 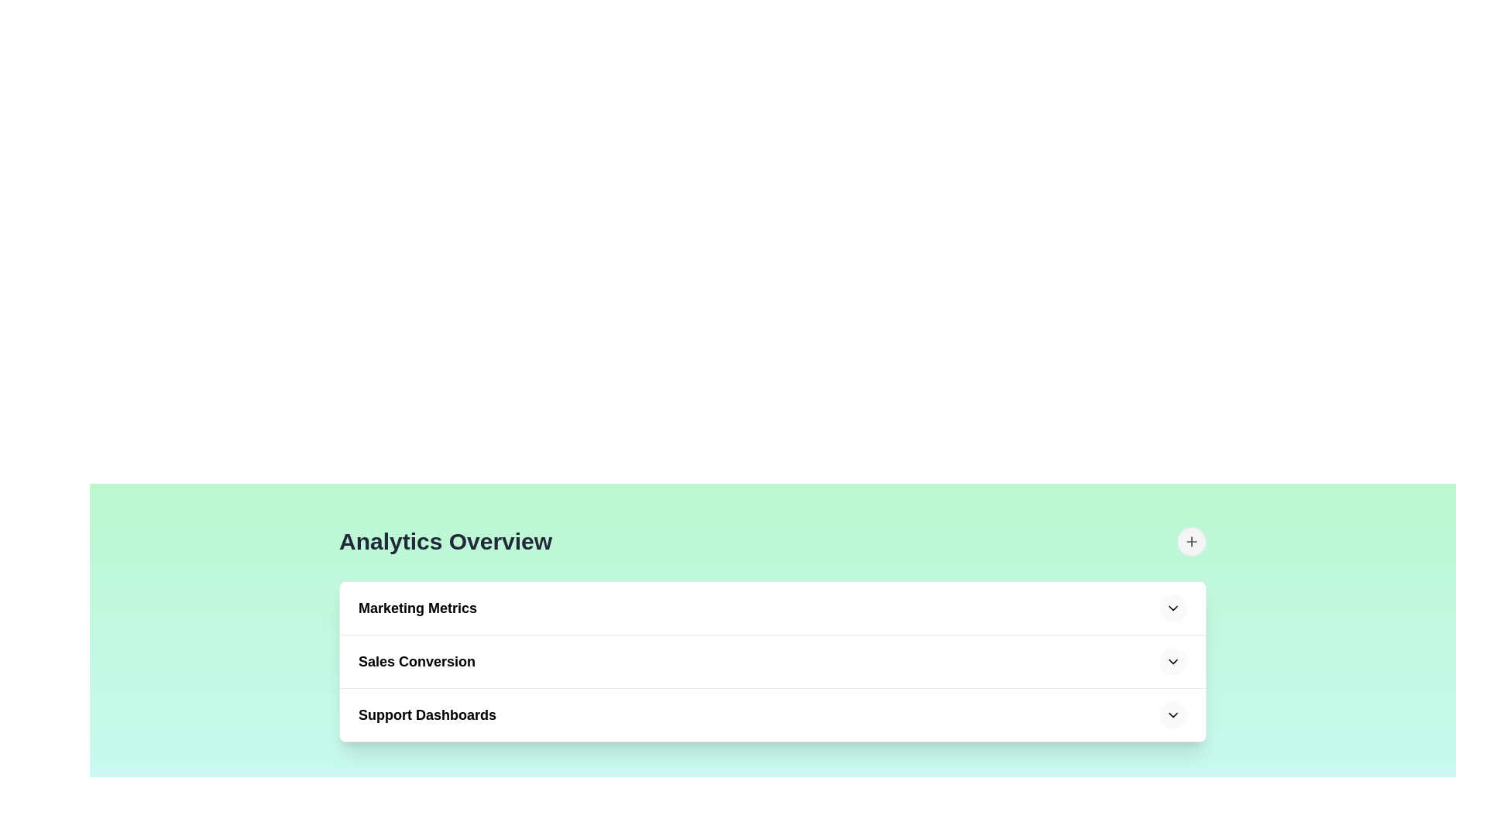 What do you see at coordinates (1173, 715) in the screenshot?
I see `the downward-pointing chevron icon in the 'Support Dashboards' section` at bounding box center [1173, 715].